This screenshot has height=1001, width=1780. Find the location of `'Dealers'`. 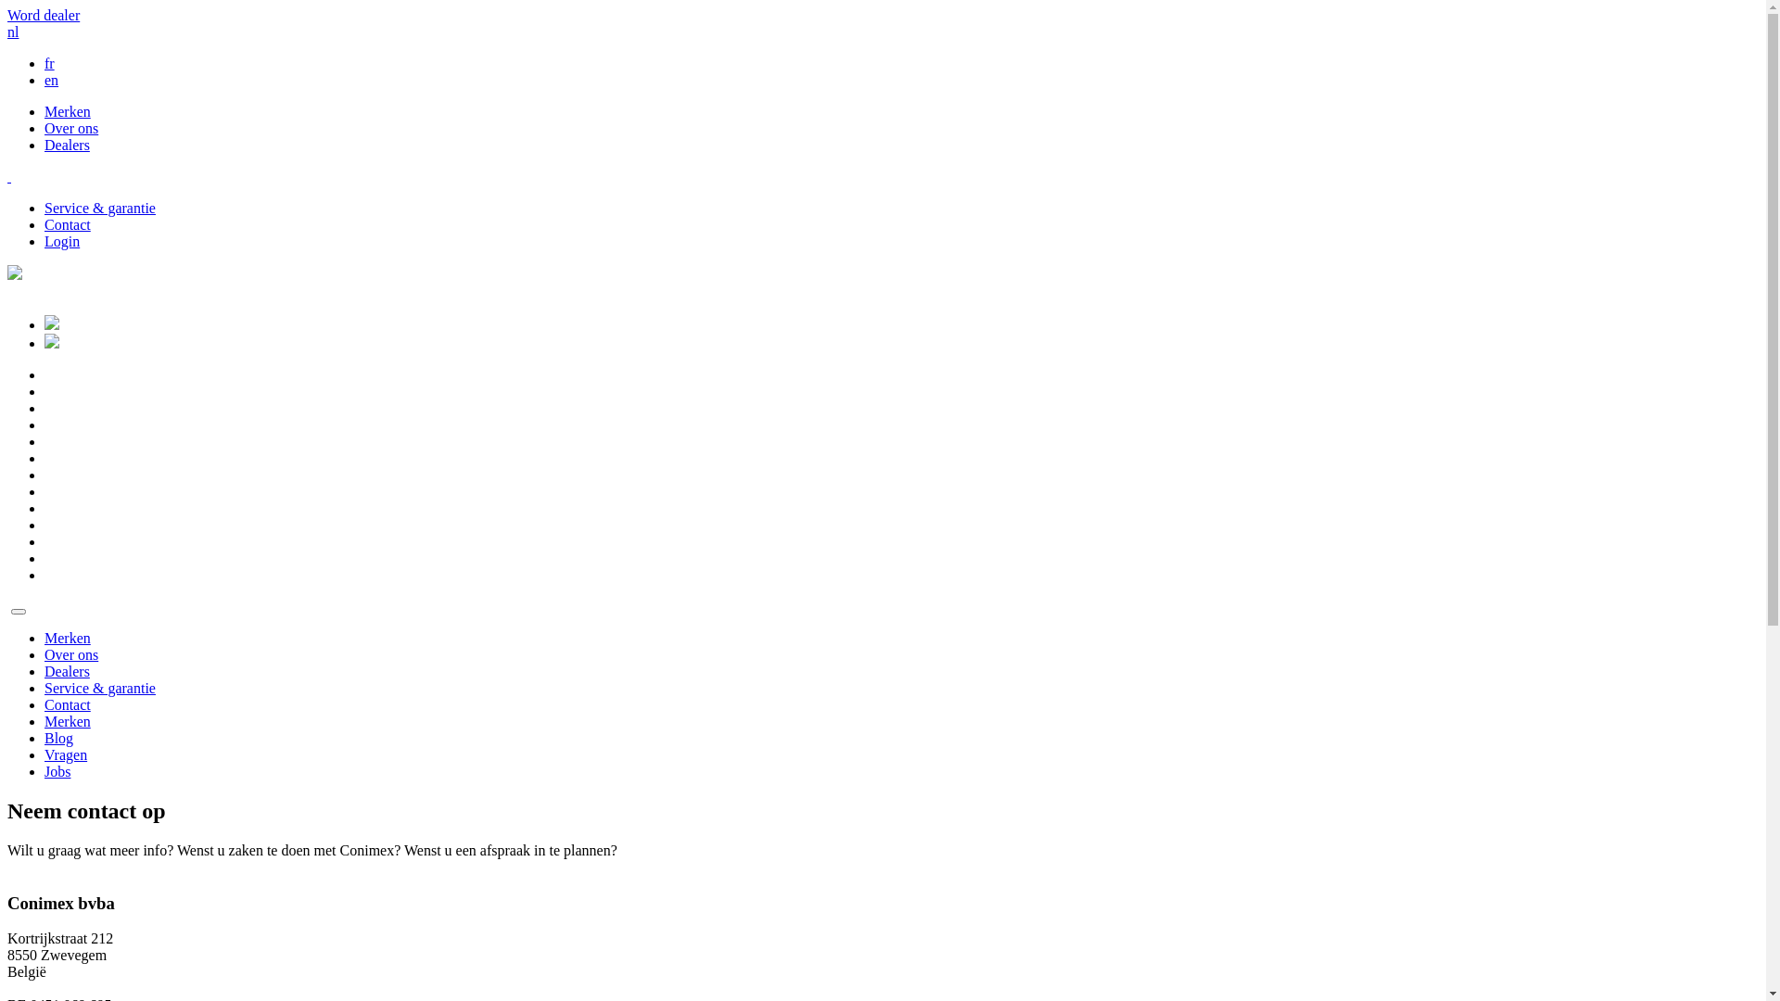

'Dealers' is located at coordinates (67, 144).